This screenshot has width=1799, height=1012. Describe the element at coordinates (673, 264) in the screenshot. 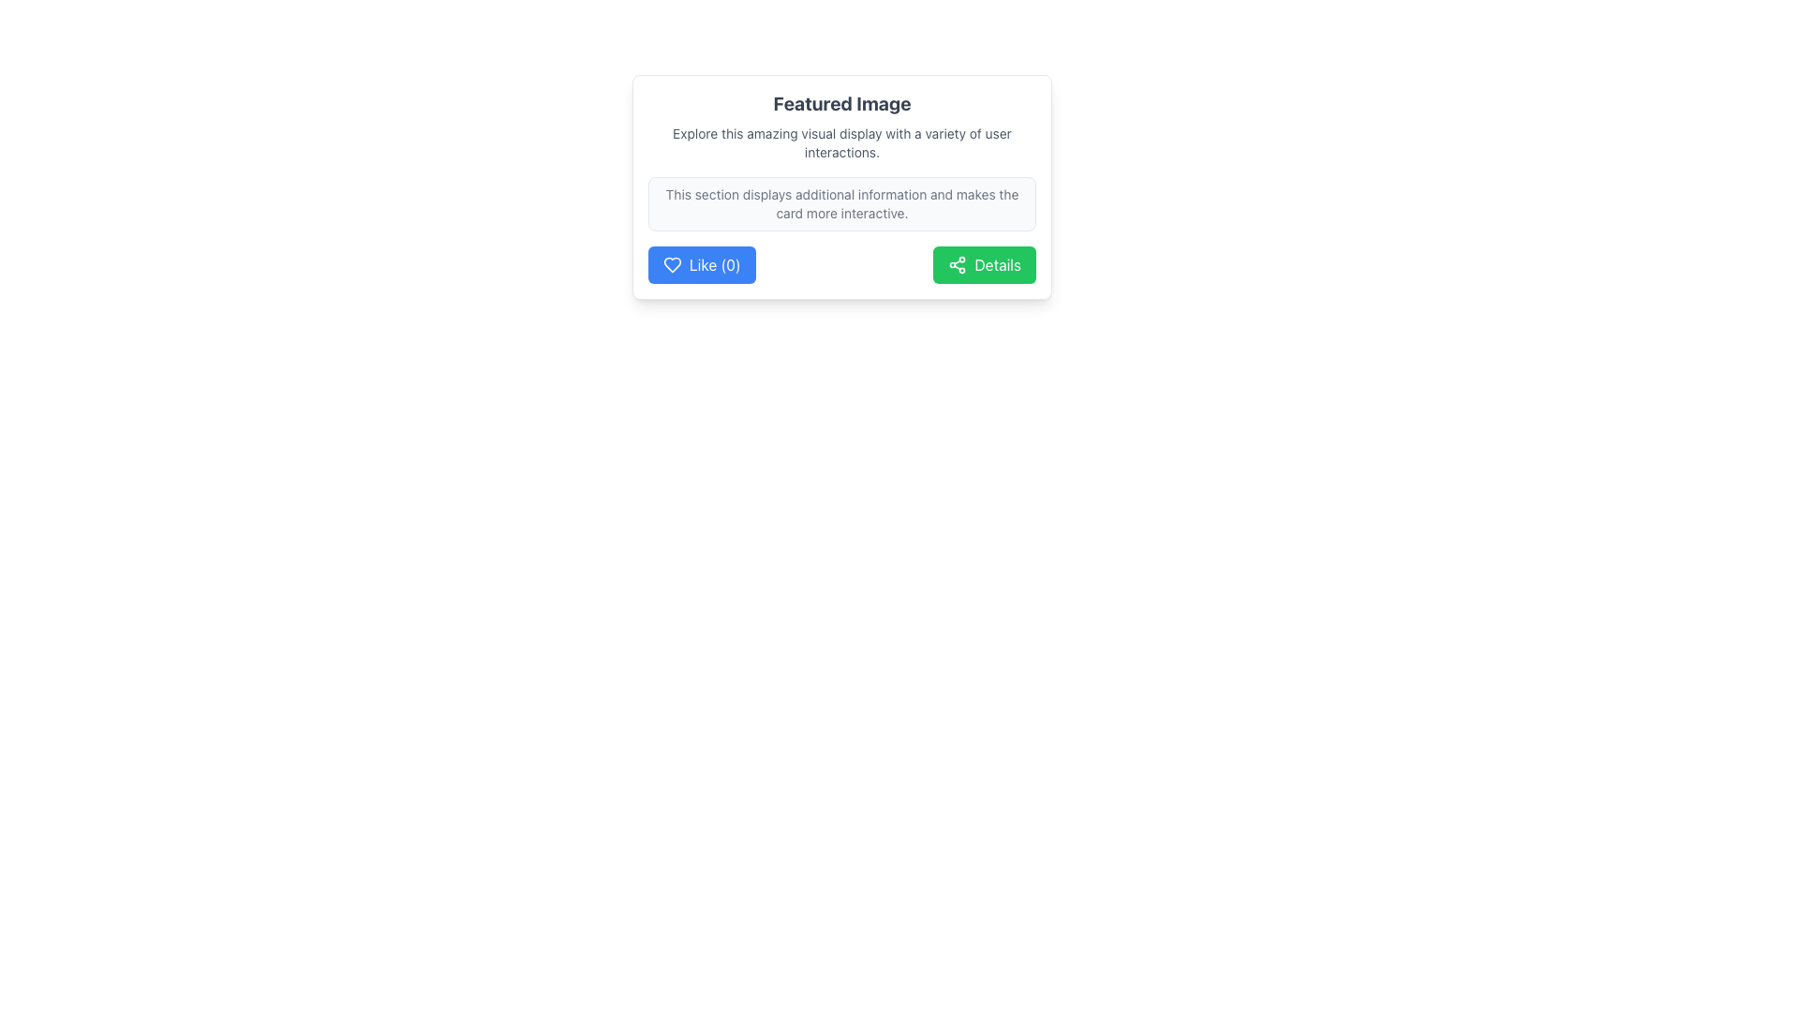

I see `the 'Like' button represented by the heart icon located at the bottom left of the card` at that location.